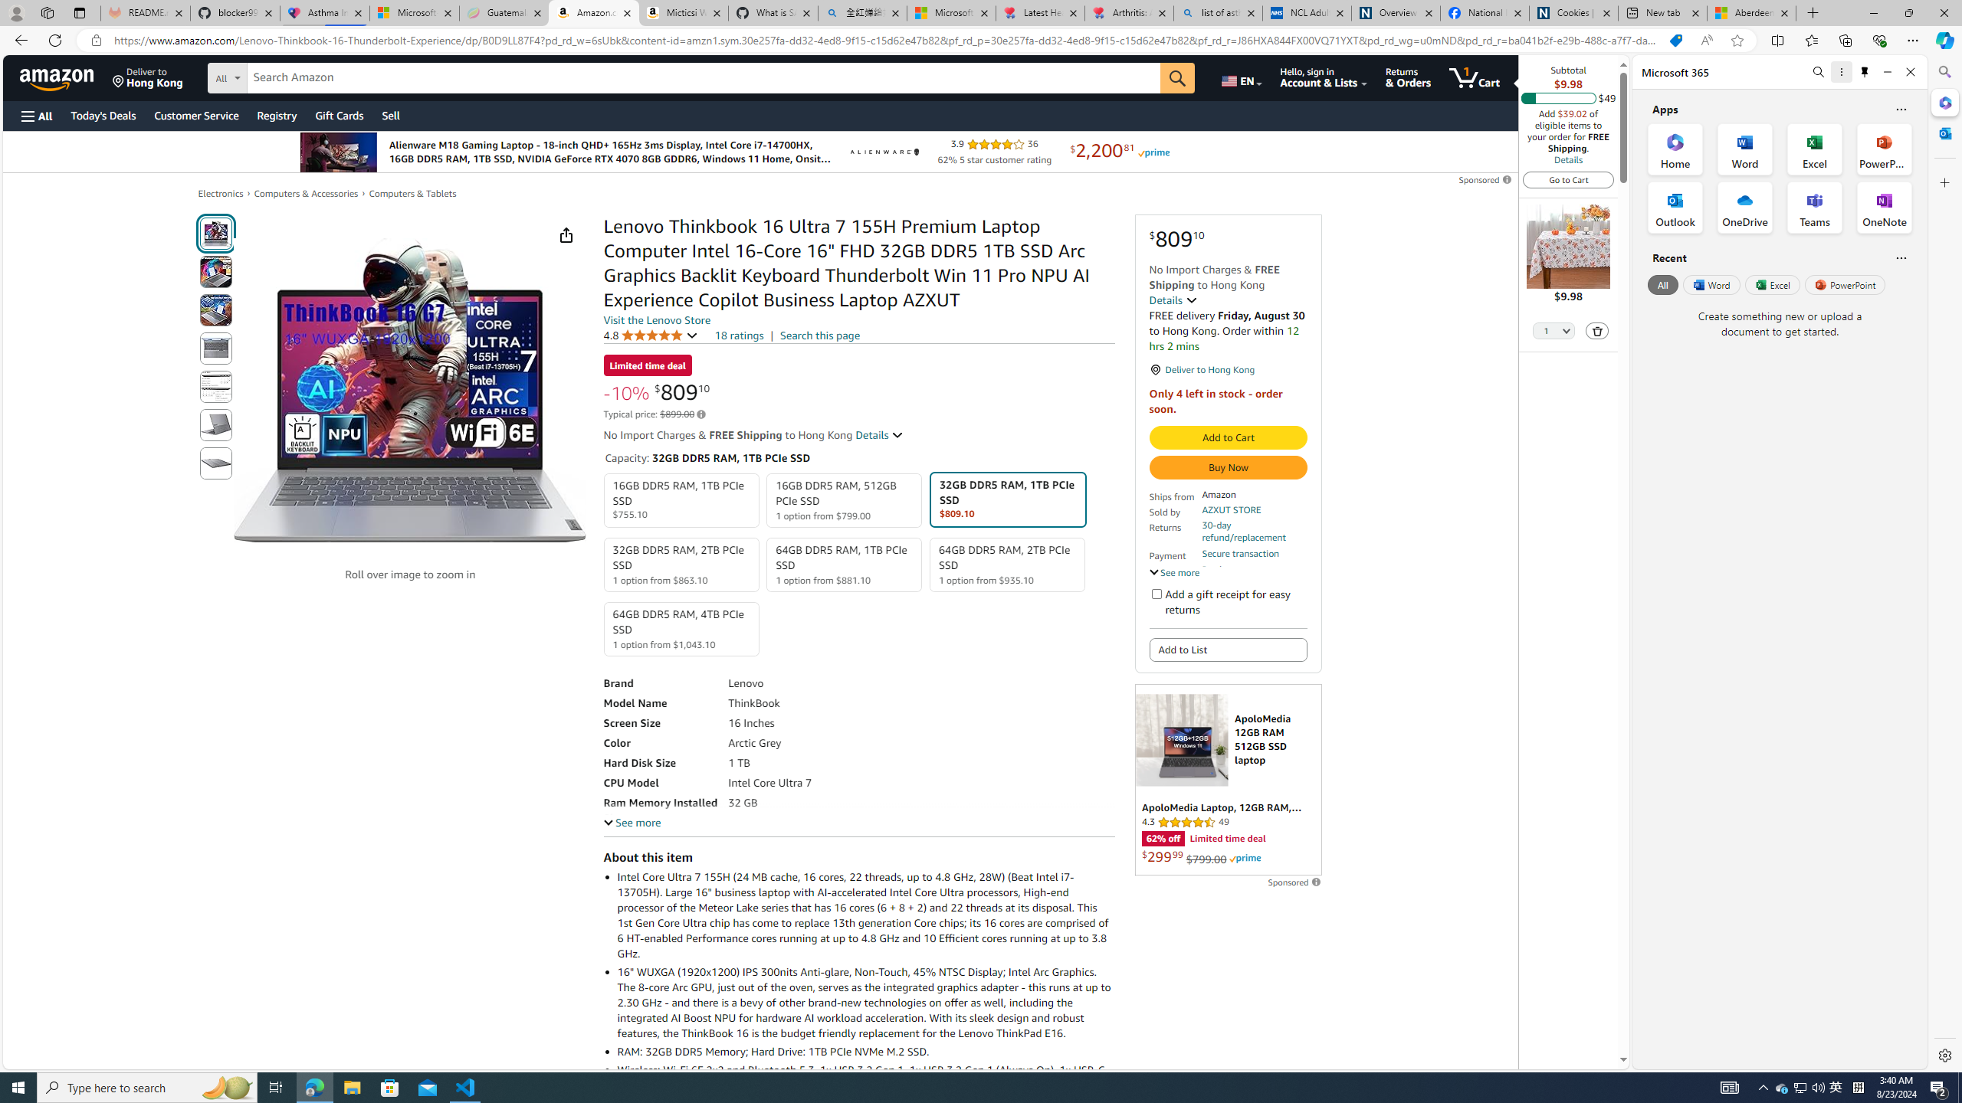 The width and height of the screenshot is (1962, 1103). I want to click on 'Add a gift receipt for easy returns', so click(1156, 593).